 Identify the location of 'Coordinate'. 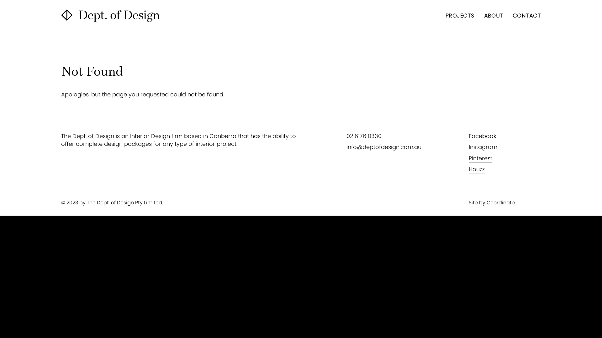
(500, 202).